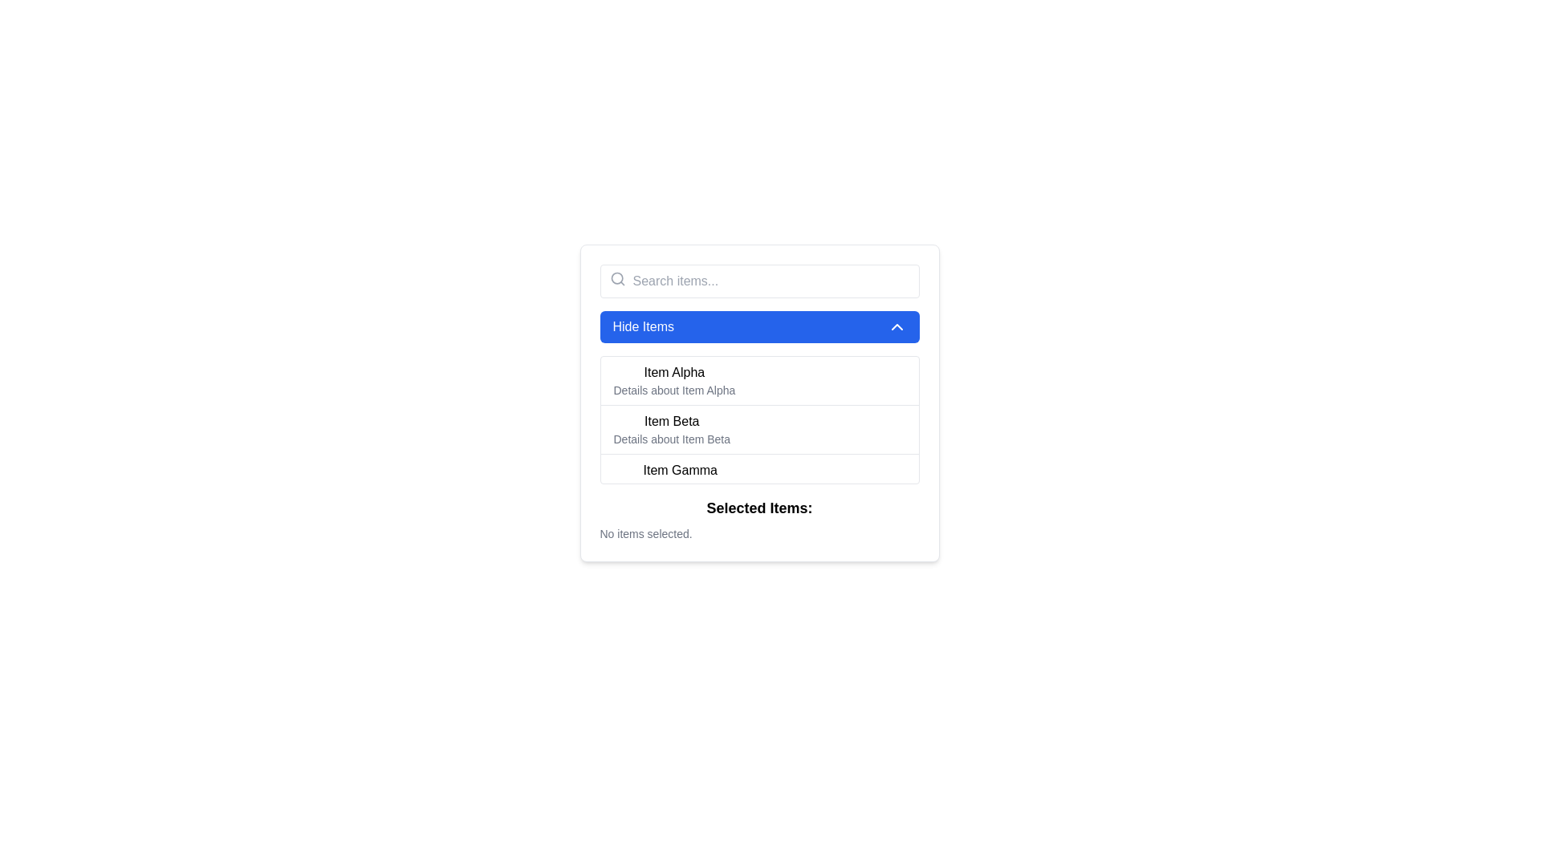 The width and height of the screenshot is (1541, 866). Describe the element at coordinates (758, 508) in the screenshot. I see `the bold and enlarged text label displaying 'Selected Items:' which is located above the phrase 'No items selected.'` at that location.